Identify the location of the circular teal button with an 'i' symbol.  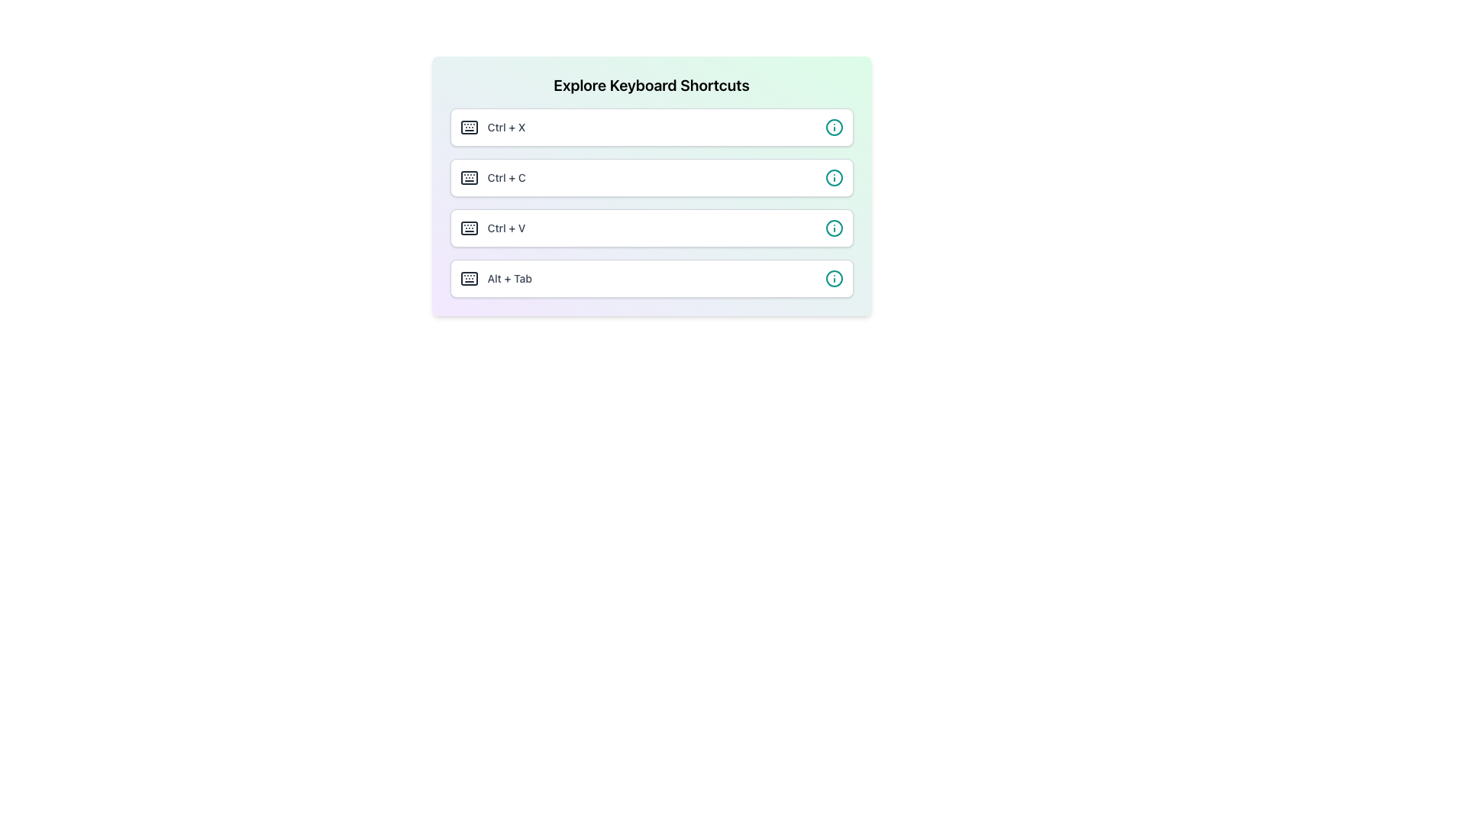
(833, 228).